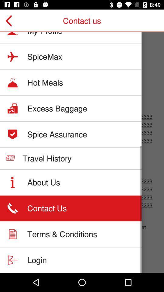 This screenshot has height=292, width=164. I want to click on the travel history, so click(46, 158).